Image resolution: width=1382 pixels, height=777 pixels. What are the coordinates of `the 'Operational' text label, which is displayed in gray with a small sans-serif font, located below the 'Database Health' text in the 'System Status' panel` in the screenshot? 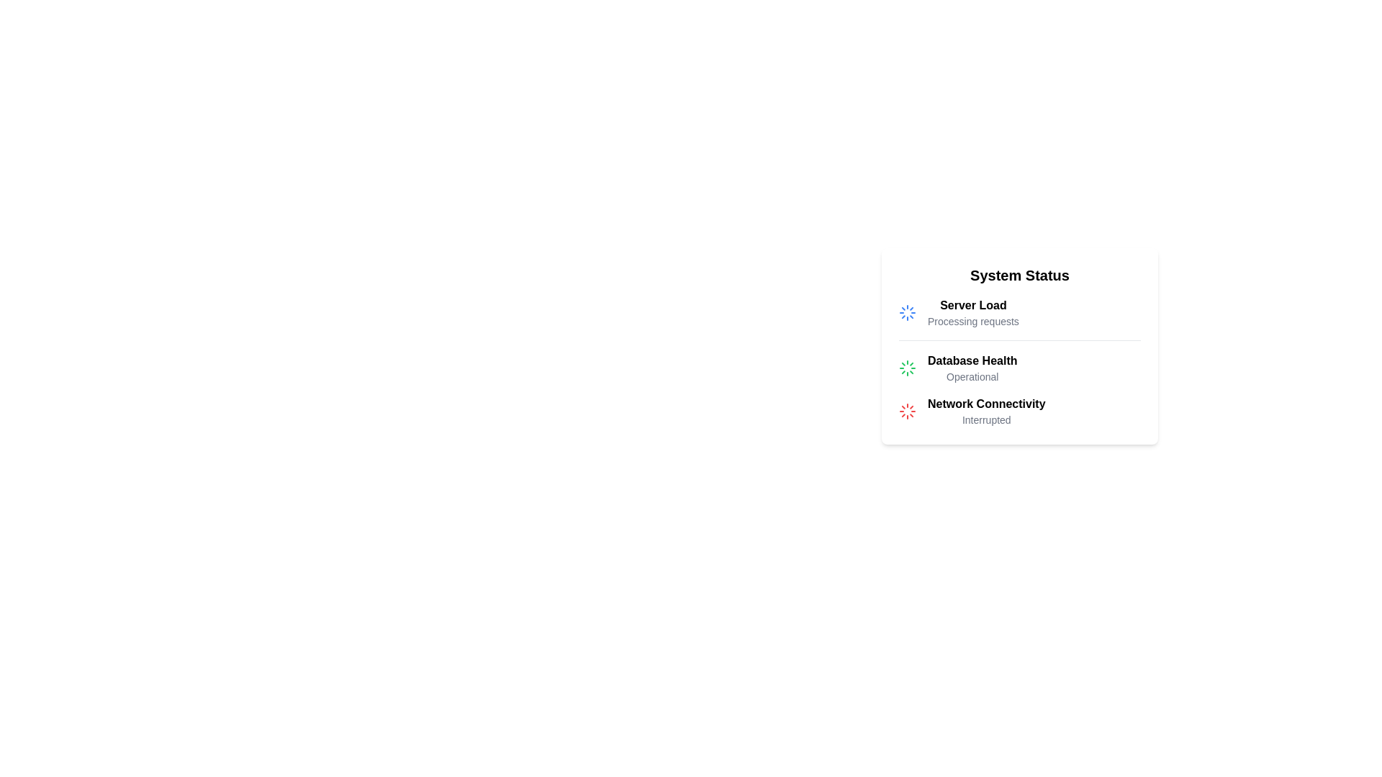 It's located at (972, 376).